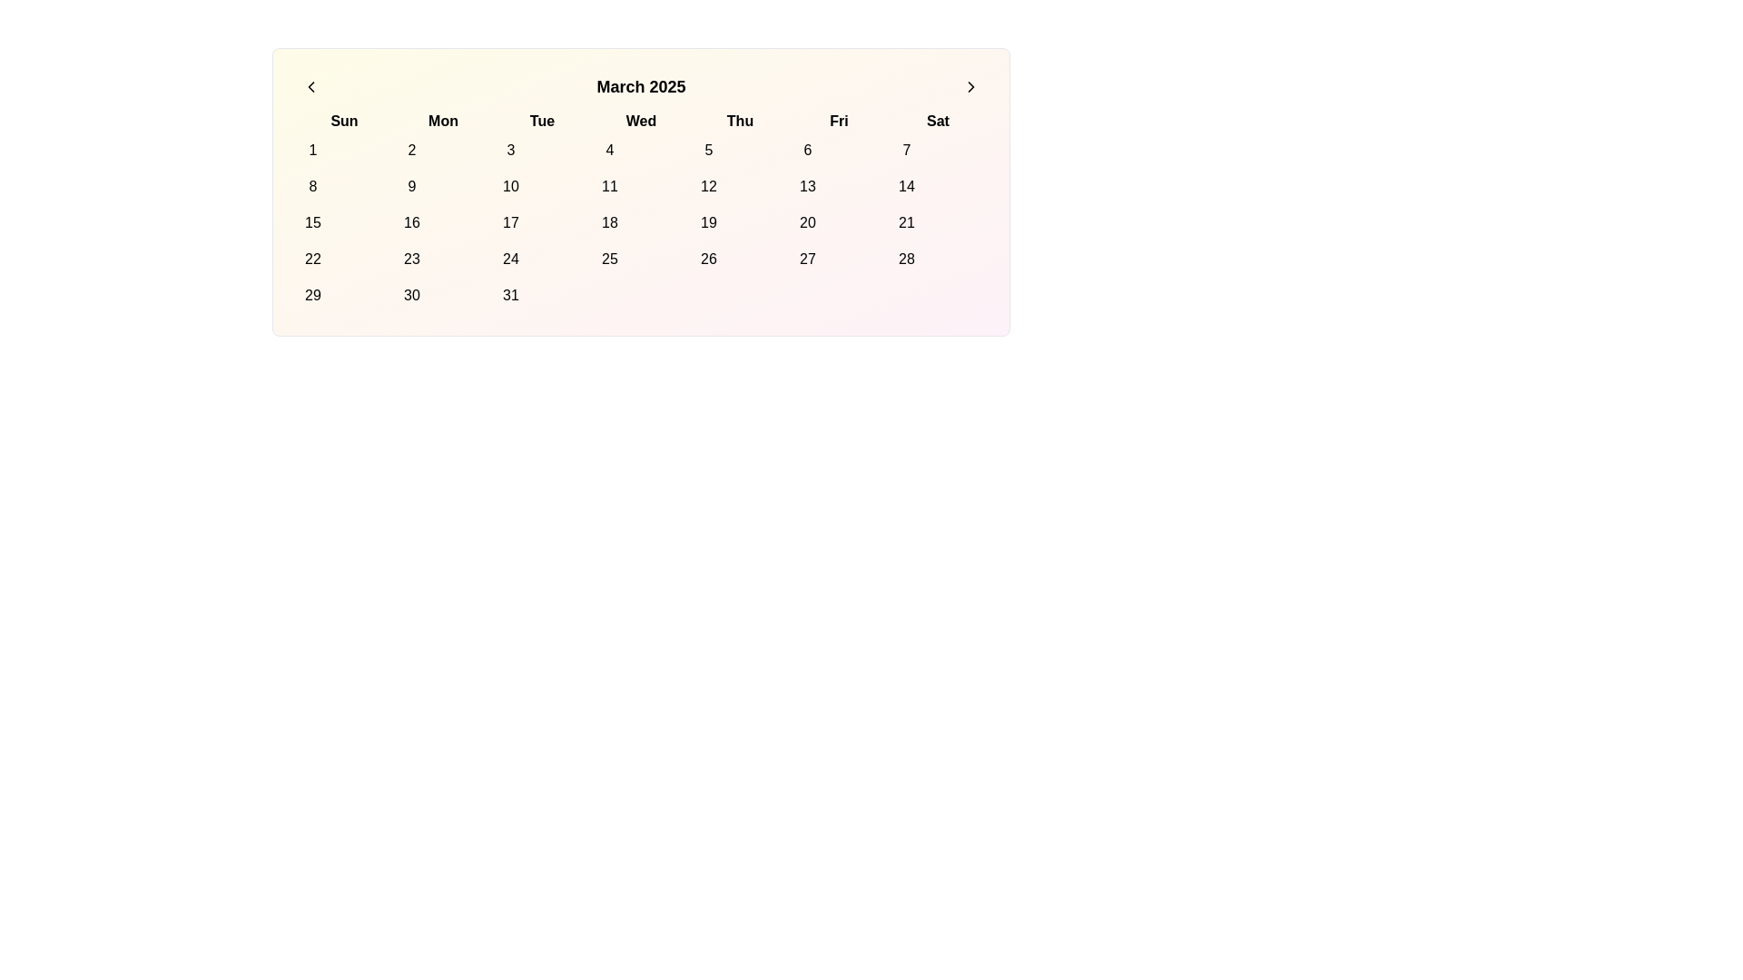 The image size is (1743, 980). Describe the element at coordinates (411, 186) in the screenshot. I see `the button representing the ninth date in the calendar view` at that location.